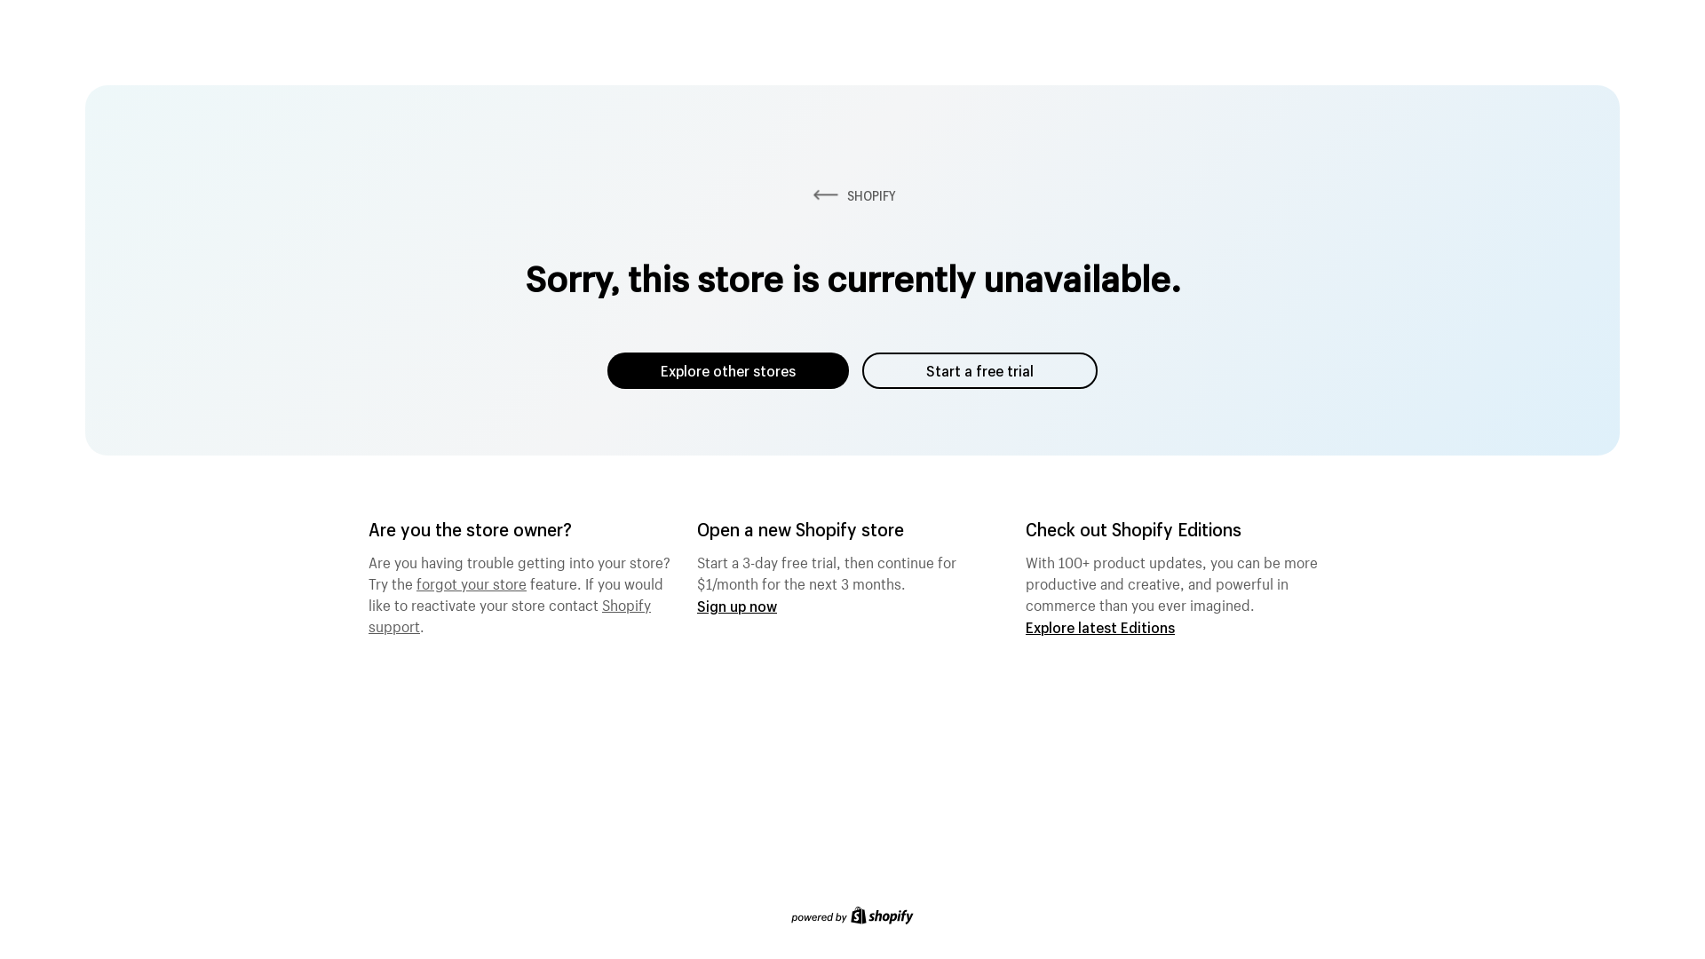 The height and width of the screenshot is (959, 1705). Describe the element at coordinates (737, 605) in the screenshot. I see `'Sign up now'` at that location.